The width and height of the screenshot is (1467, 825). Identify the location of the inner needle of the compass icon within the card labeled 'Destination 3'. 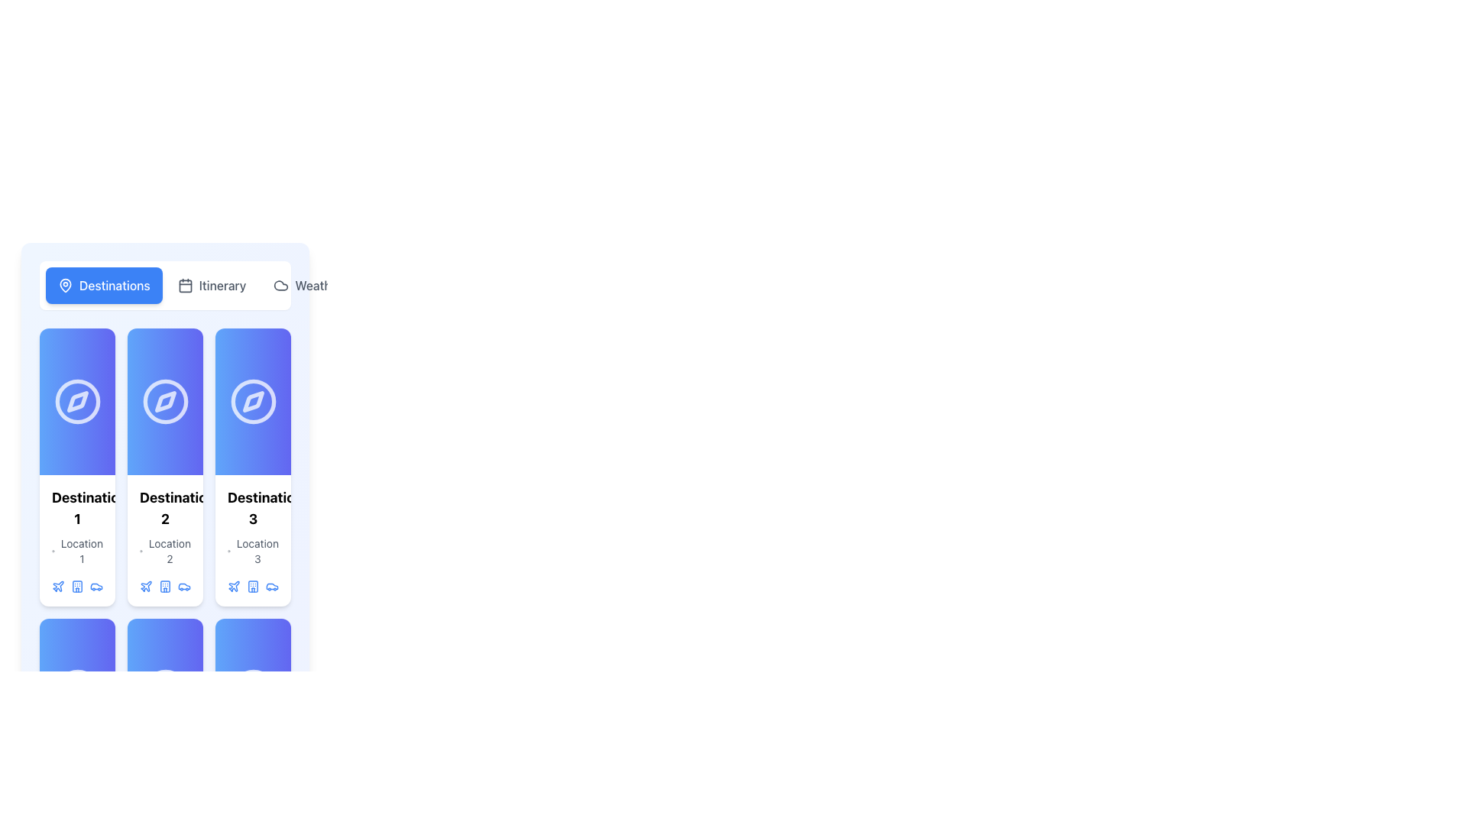
(253, 400).